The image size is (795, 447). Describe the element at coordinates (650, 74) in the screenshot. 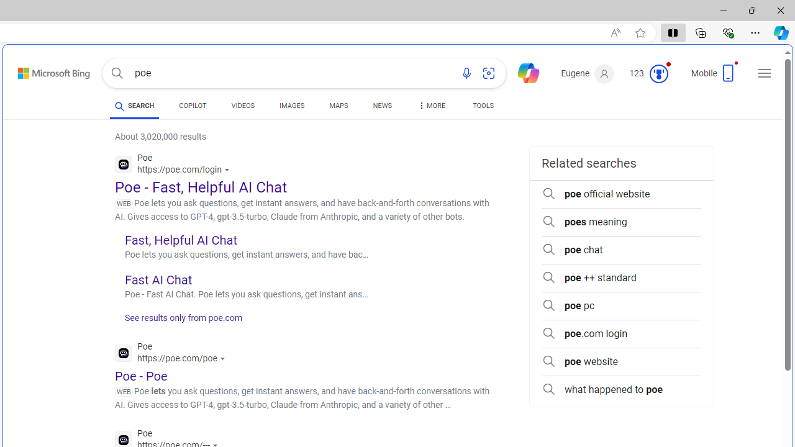

I see `'Microsoft Rewards 123'` at that location.